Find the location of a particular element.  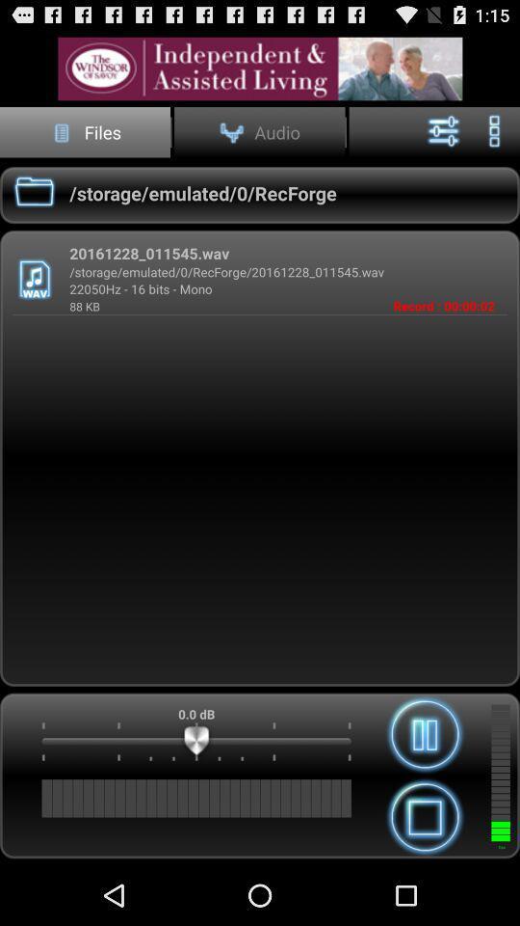

more info about an advertisement is located at coordinates (260, 68).